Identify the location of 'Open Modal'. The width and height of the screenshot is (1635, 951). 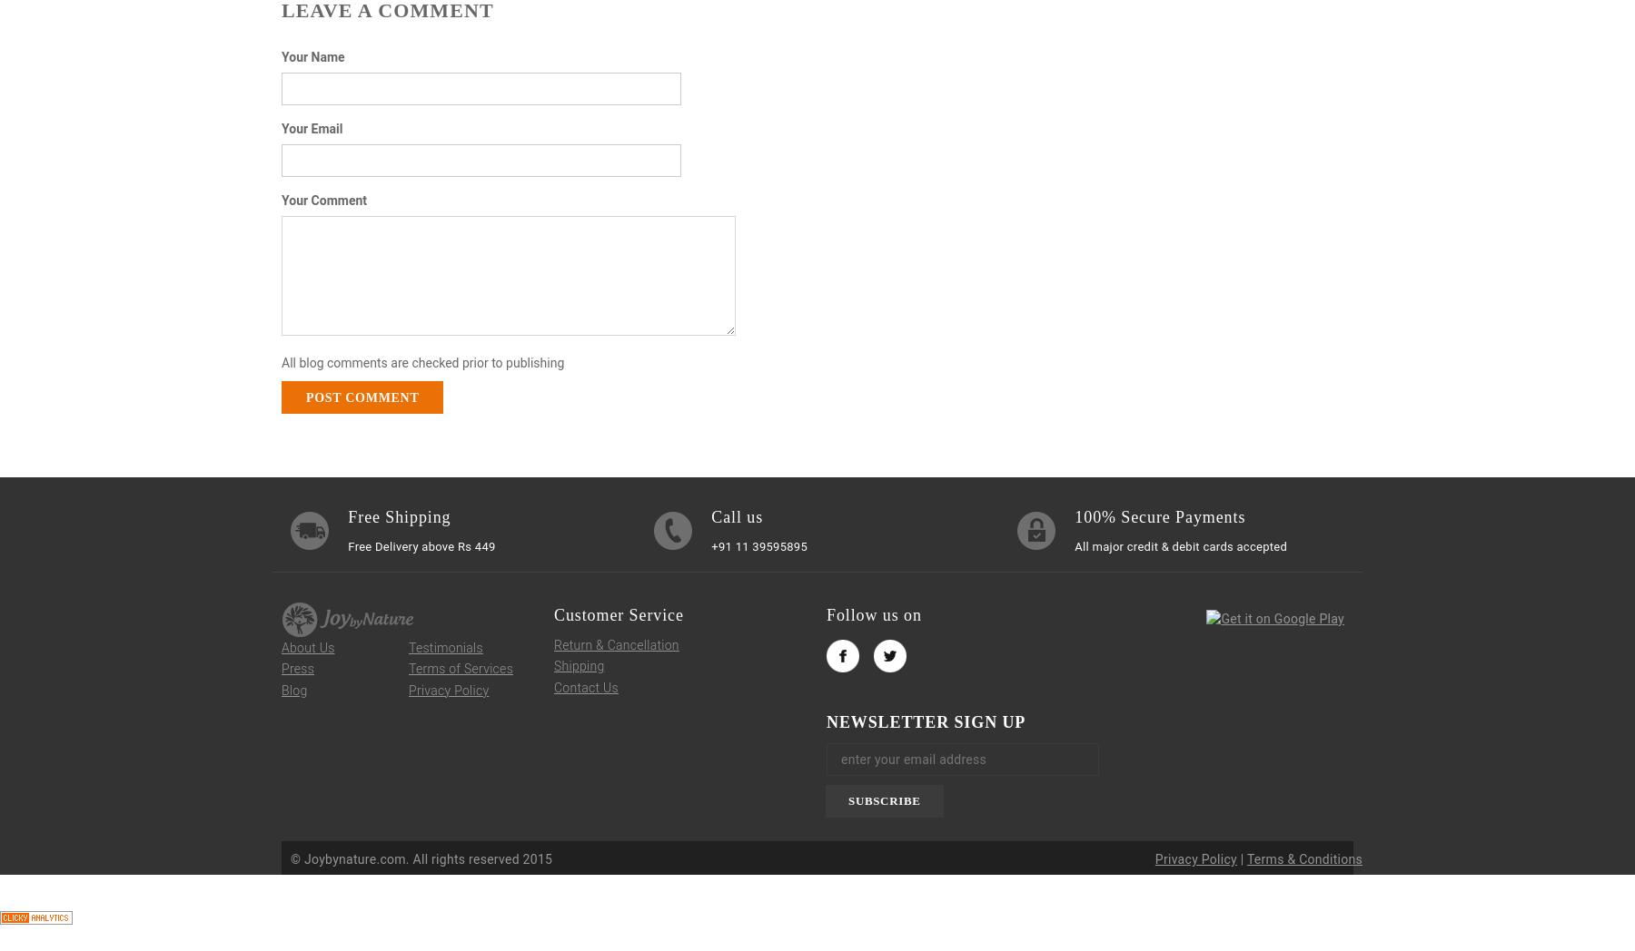
(352, 890).